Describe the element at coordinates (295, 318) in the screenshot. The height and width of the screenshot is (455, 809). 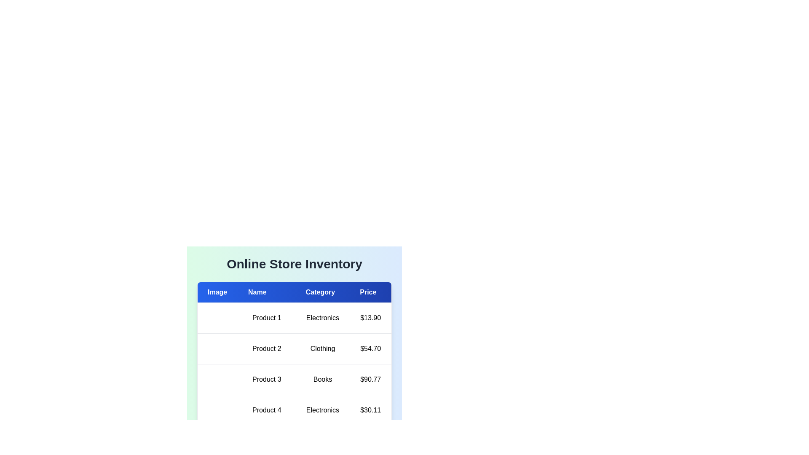
I see `the row of the product with name Product 1` at that location.